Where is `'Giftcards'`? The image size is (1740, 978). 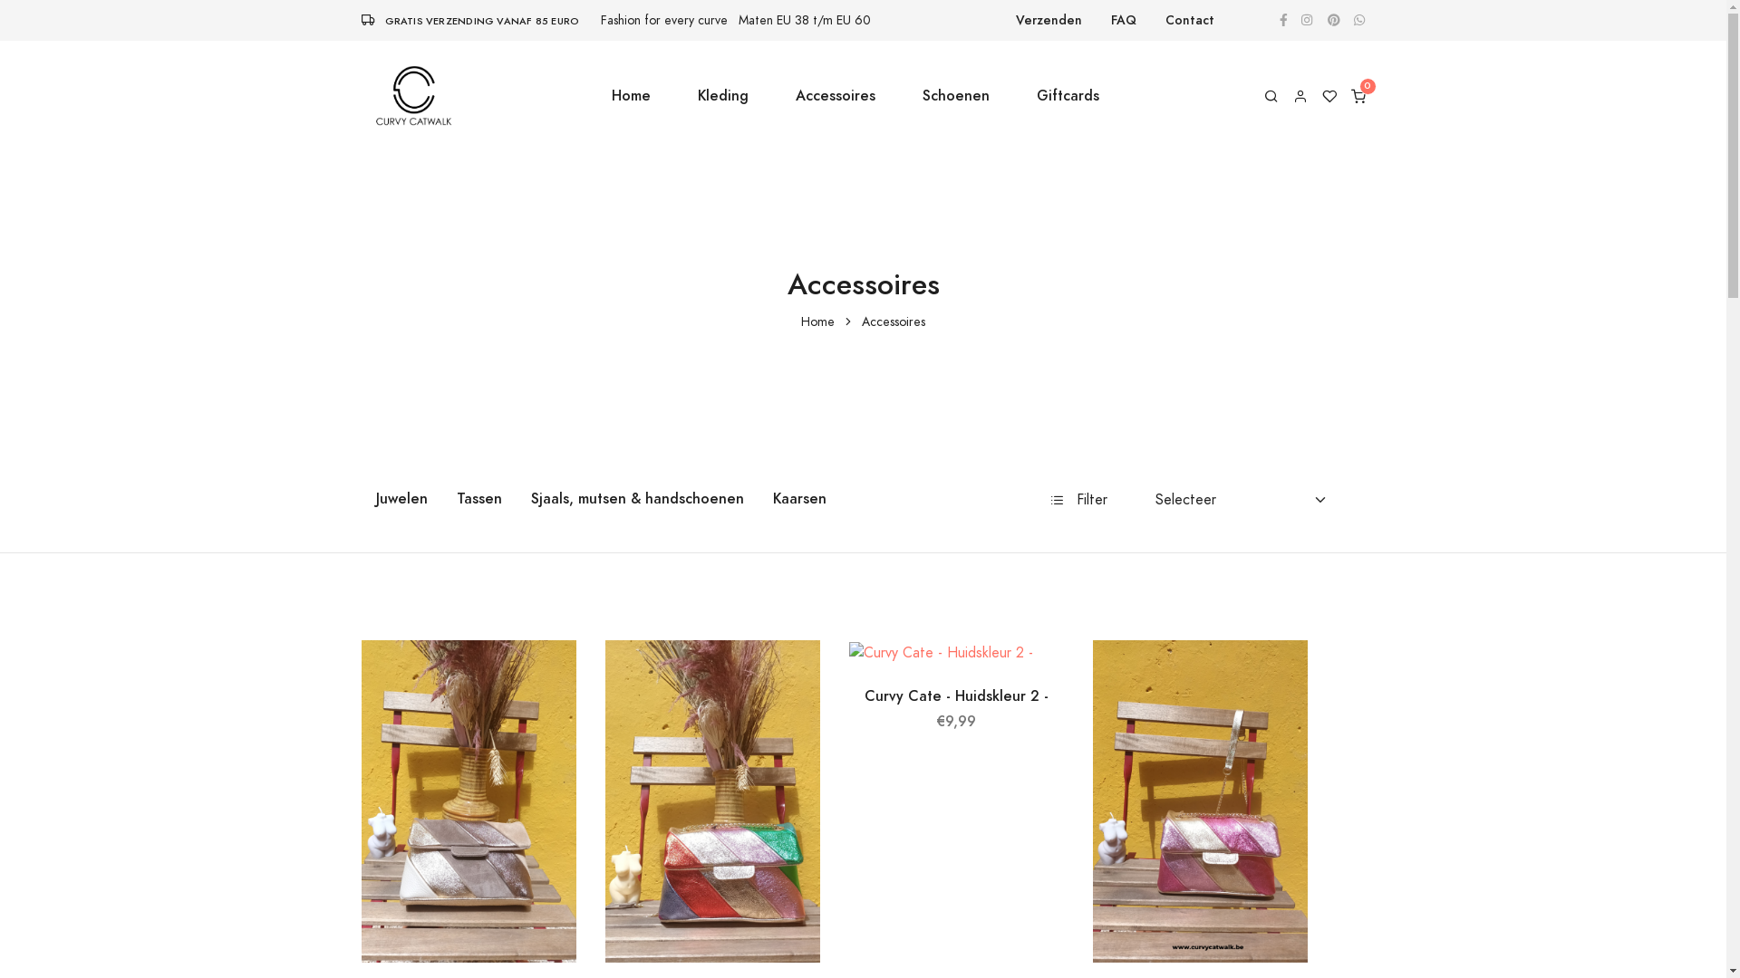
'Giftcards' is located at coordinates (1068, 95).